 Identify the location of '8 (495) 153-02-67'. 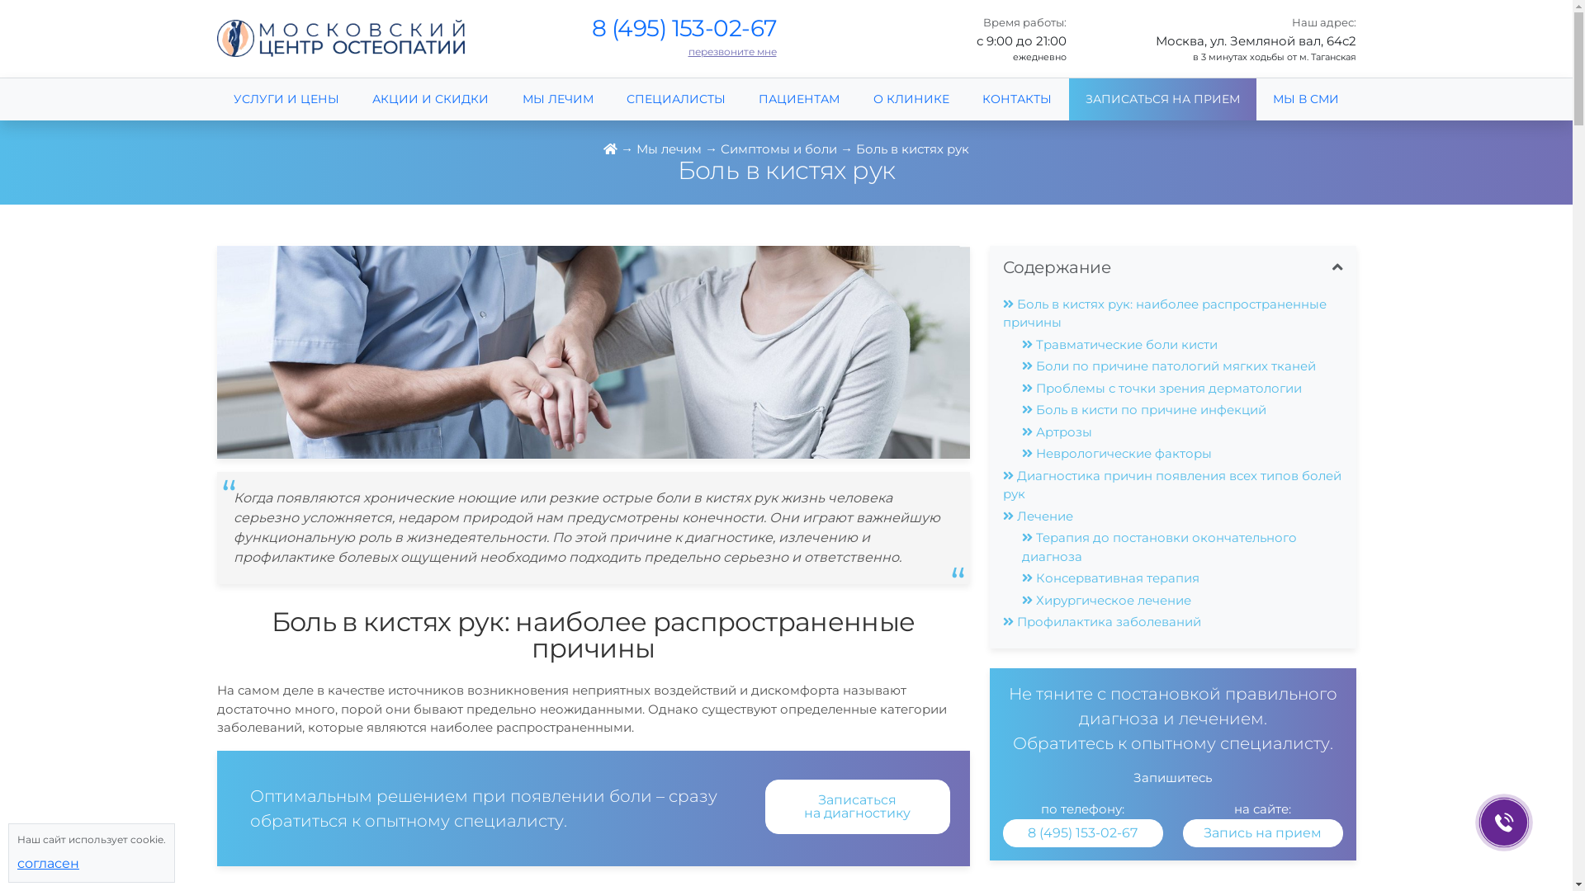
(1082, 832).